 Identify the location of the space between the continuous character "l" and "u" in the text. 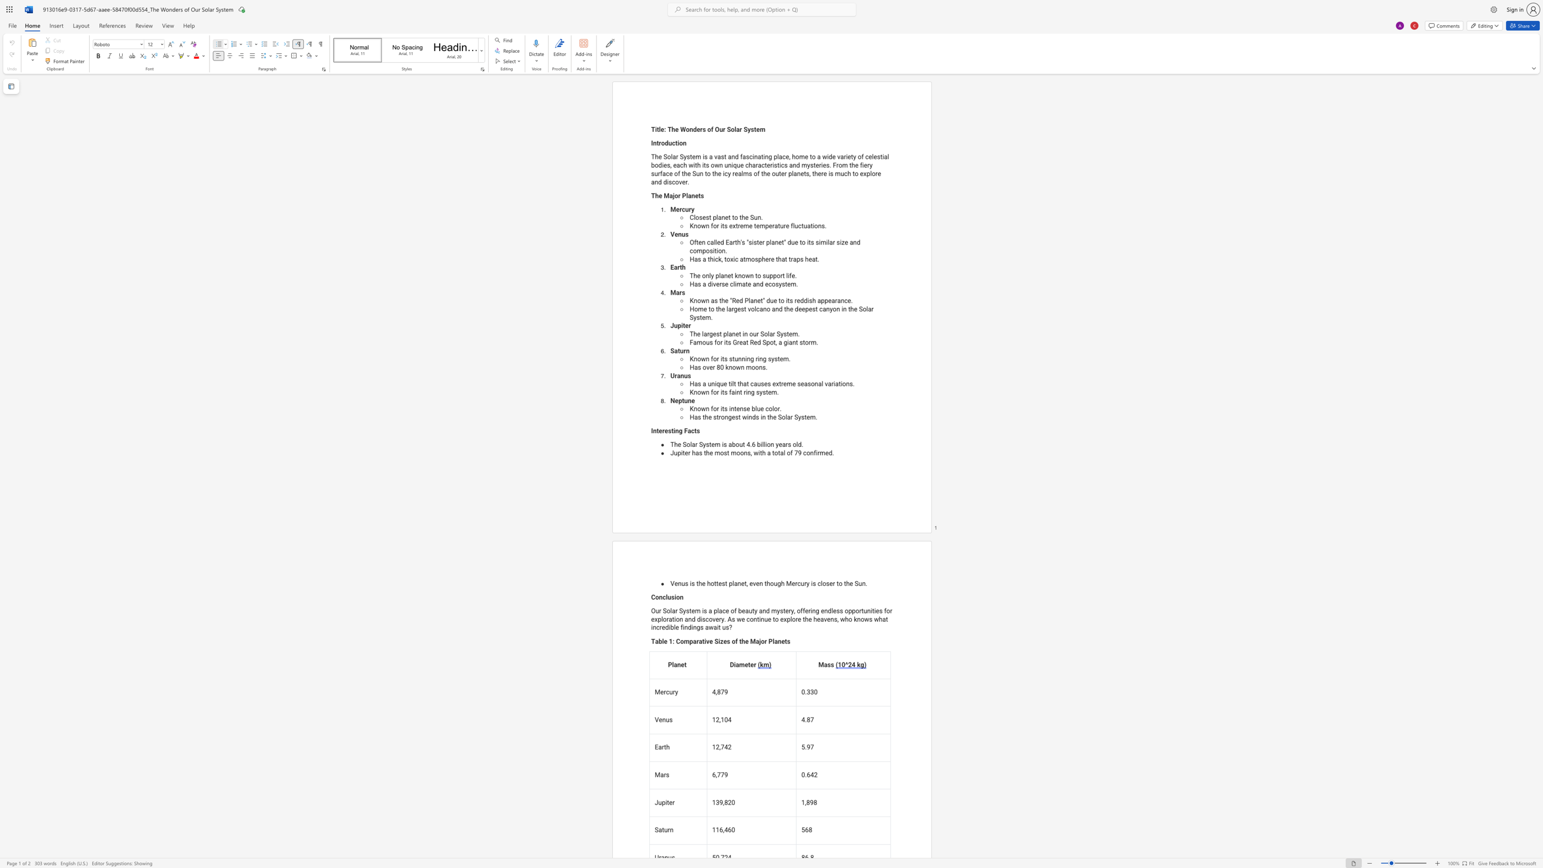
(757, 409).